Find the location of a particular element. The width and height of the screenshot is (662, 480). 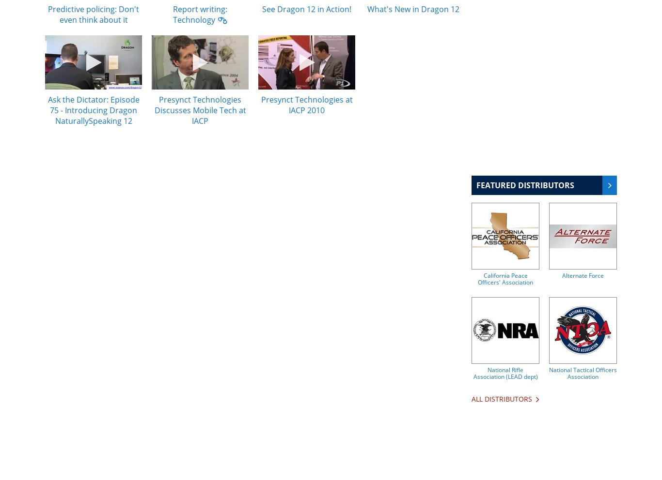

'Distributors' is located at coordinates (507, 399).